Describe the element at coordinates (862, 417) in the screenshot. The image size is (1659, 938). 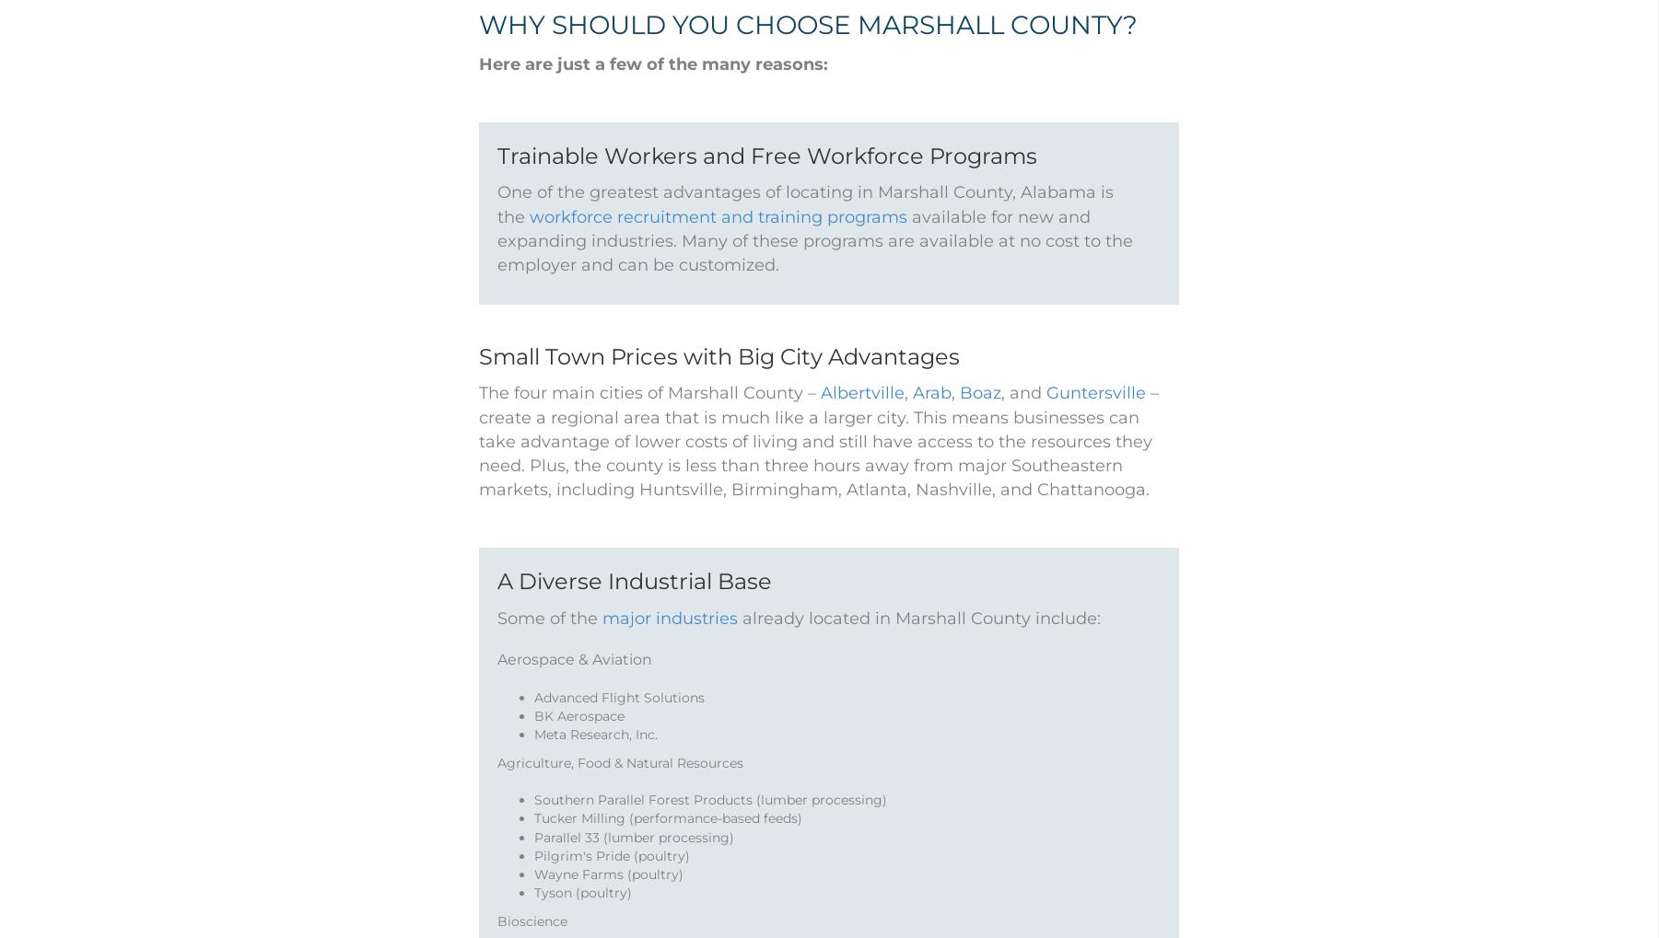
I see `'Albertville'` at that location.